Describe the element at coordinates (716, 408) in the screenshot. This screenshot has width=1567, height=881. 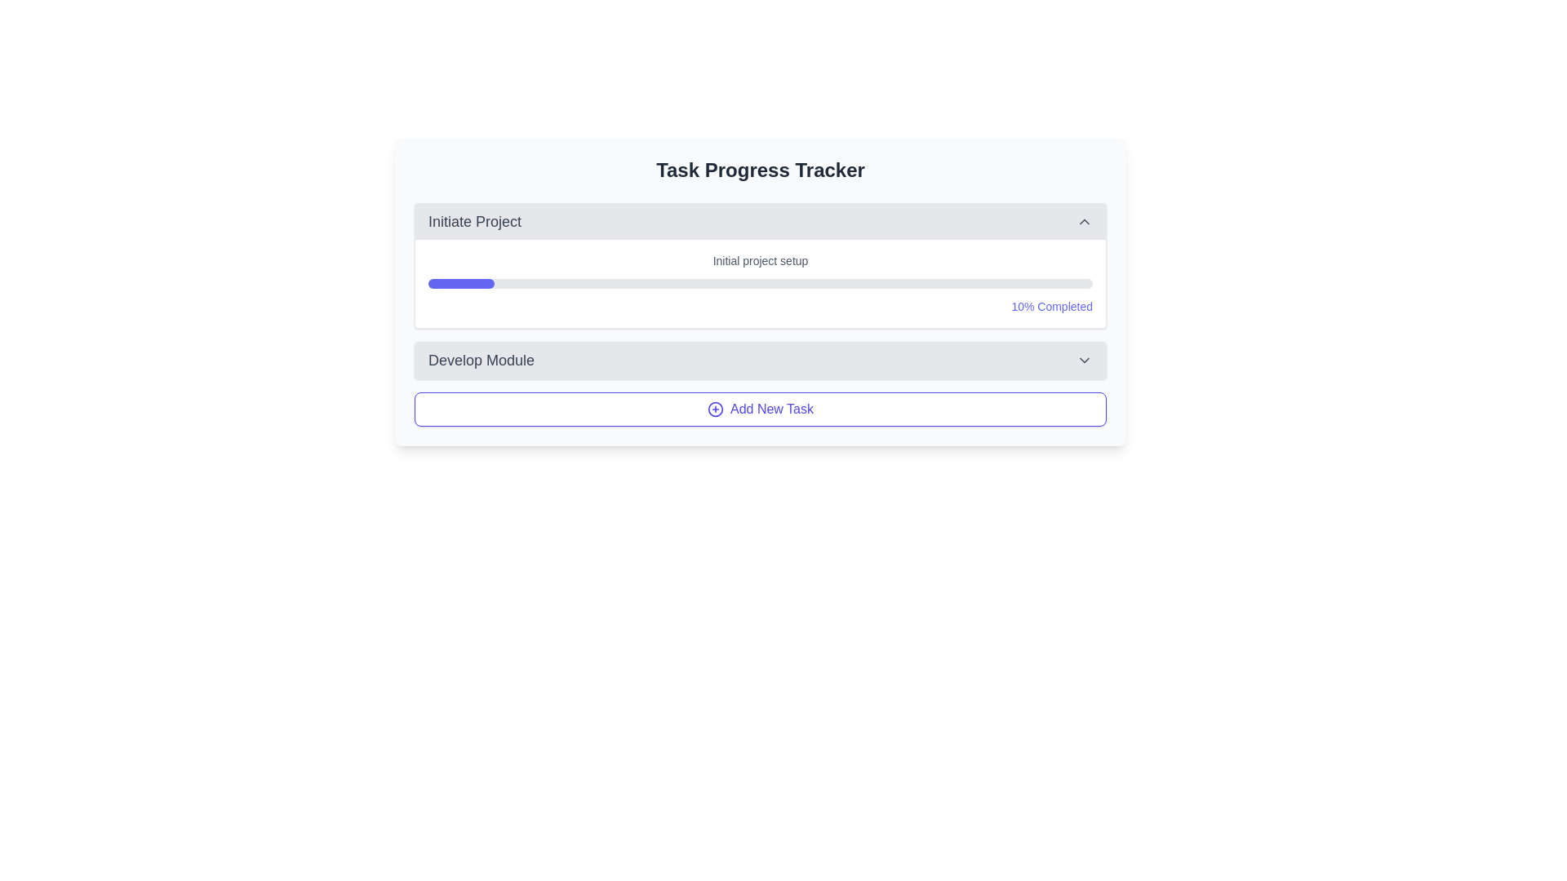
I see `the circular icon within the 'Add New Task' button located in the 'Develop Module' section` at that location.